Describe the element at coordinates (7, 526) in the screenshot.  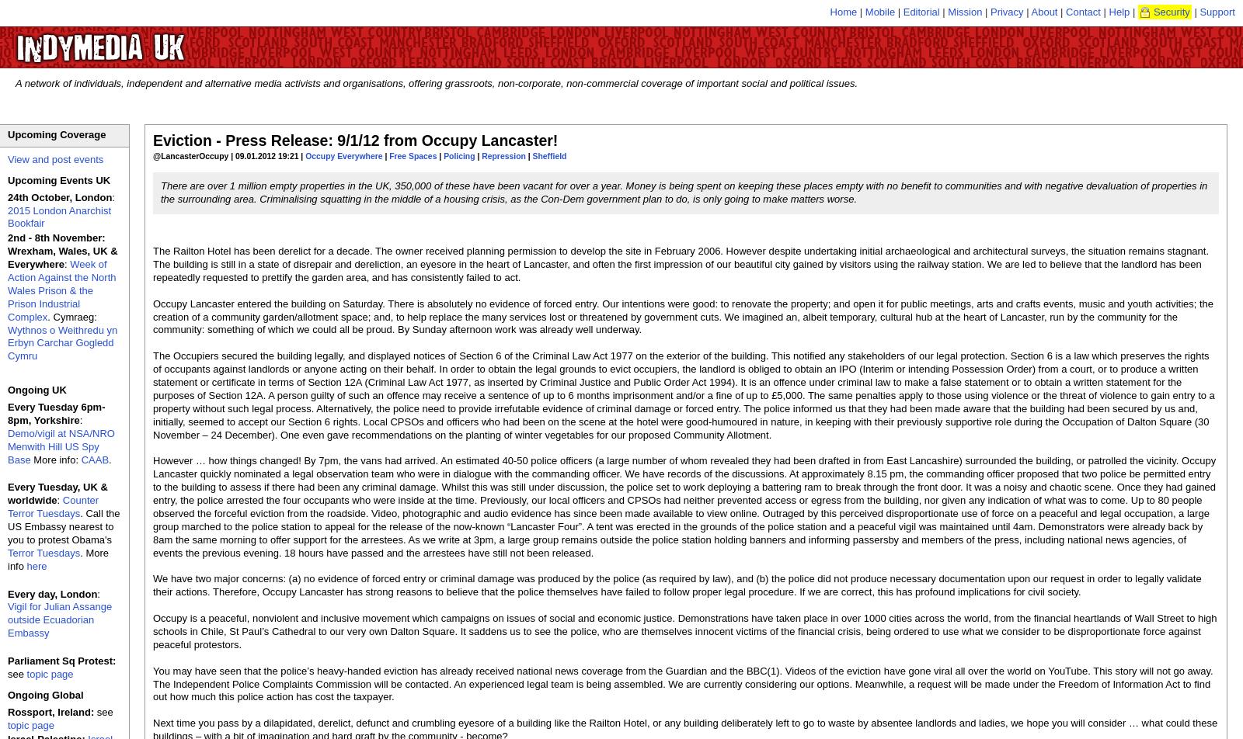
I see `'. Call the US Embassy nearest to you to protest Obama's'` at that location.